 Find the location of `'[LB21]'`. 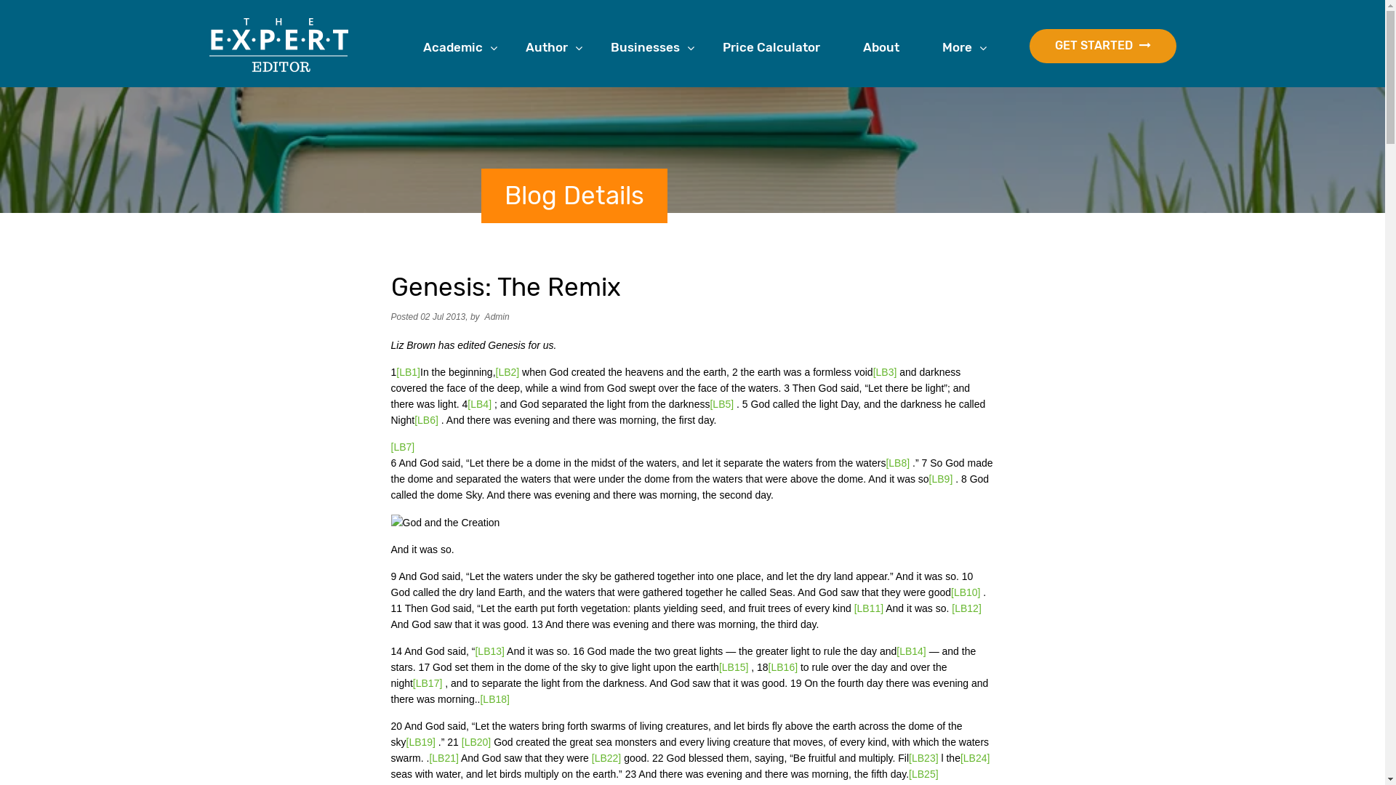

'[LB21]' is located at coordinates (442, 757).